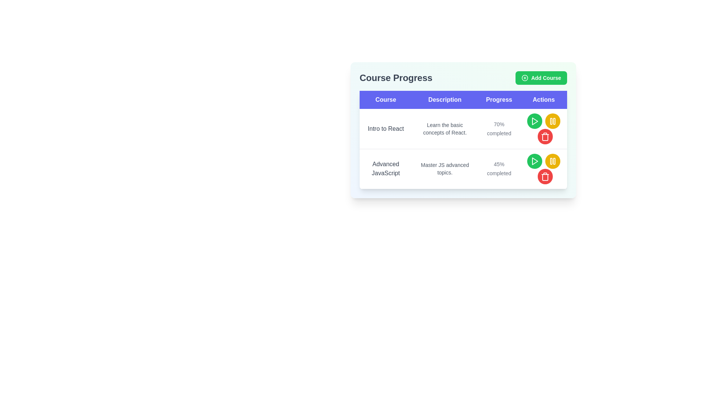 The image size is (723, 407). Describe the element at coordinates (534, 121) in the screenshot. I see `the 'Play' button located in the 'Actions' column of the first row` at that location.